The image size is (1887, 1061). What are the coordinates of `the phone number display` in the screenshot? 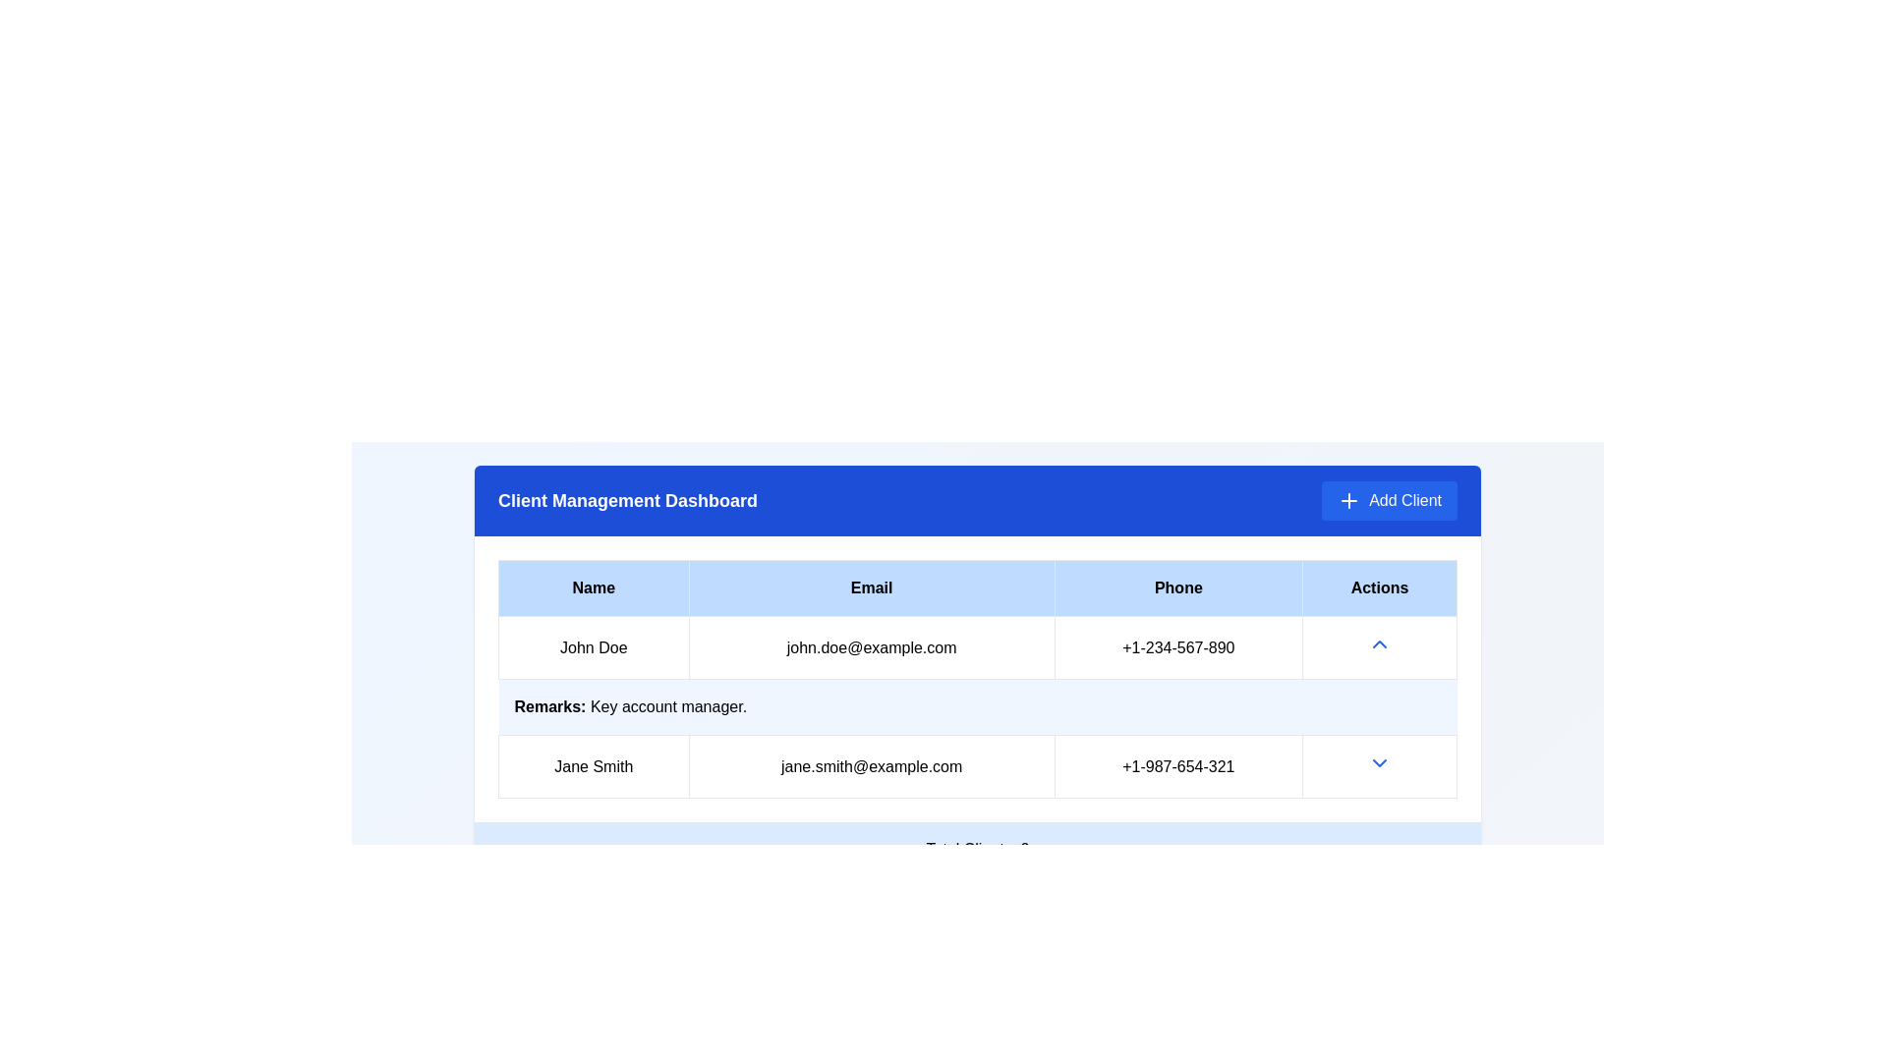 It's located at (1178, 765).